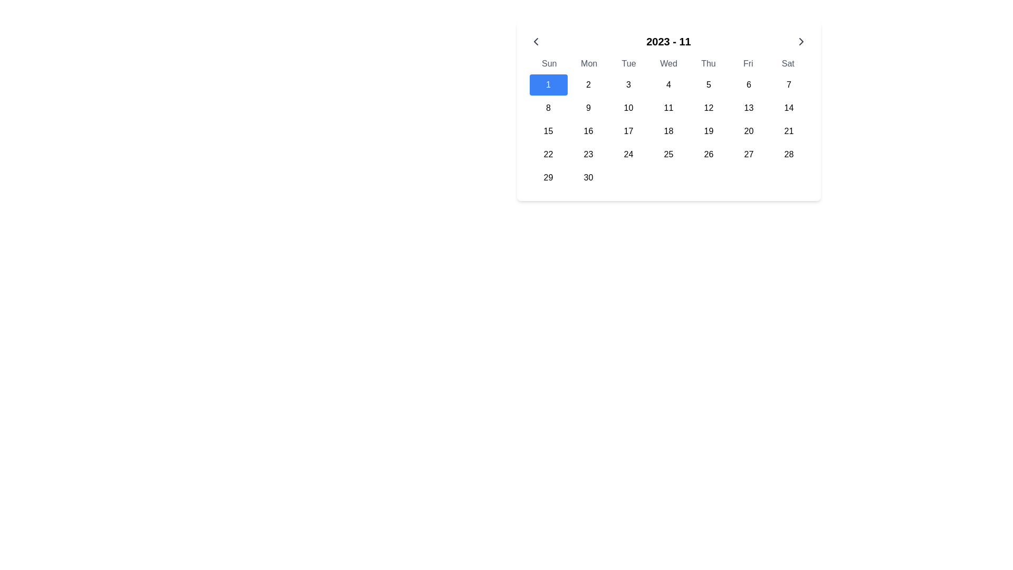  Describe the element at coordinates (588, 108) in the screenshot. I see `the small rectangular button with rounded corners containing the number '9'` at that location.